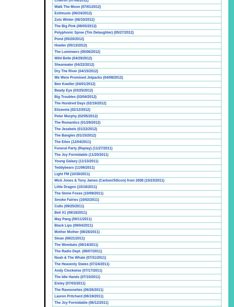 This screenshot has height=307, width=234. Describe the element at coordinates (82, 264) in the screenshot. I see `'The Heavenly States (07/24/2011)'` at that location.